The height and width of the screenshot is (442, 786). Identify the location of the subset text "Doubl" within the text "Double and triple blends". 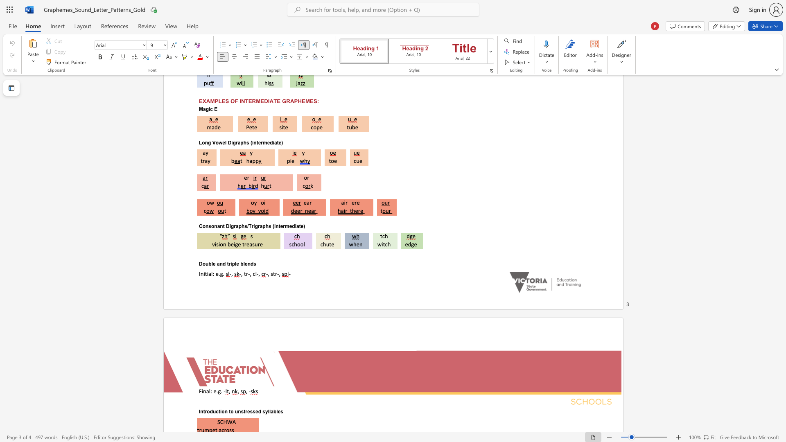
(199, 264).